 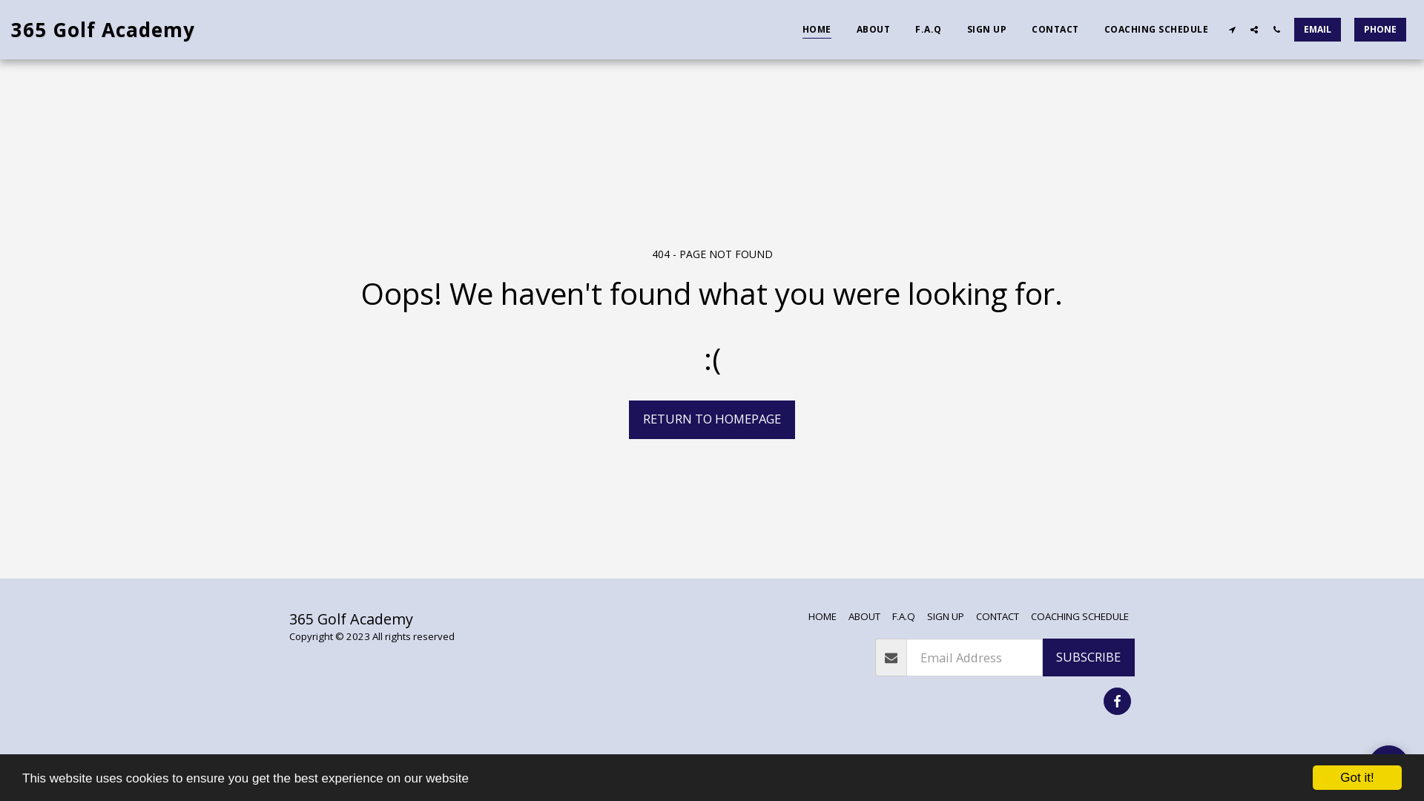 I want to click on 'COACHING SCHEDULE', so click(x=1092, y=28).